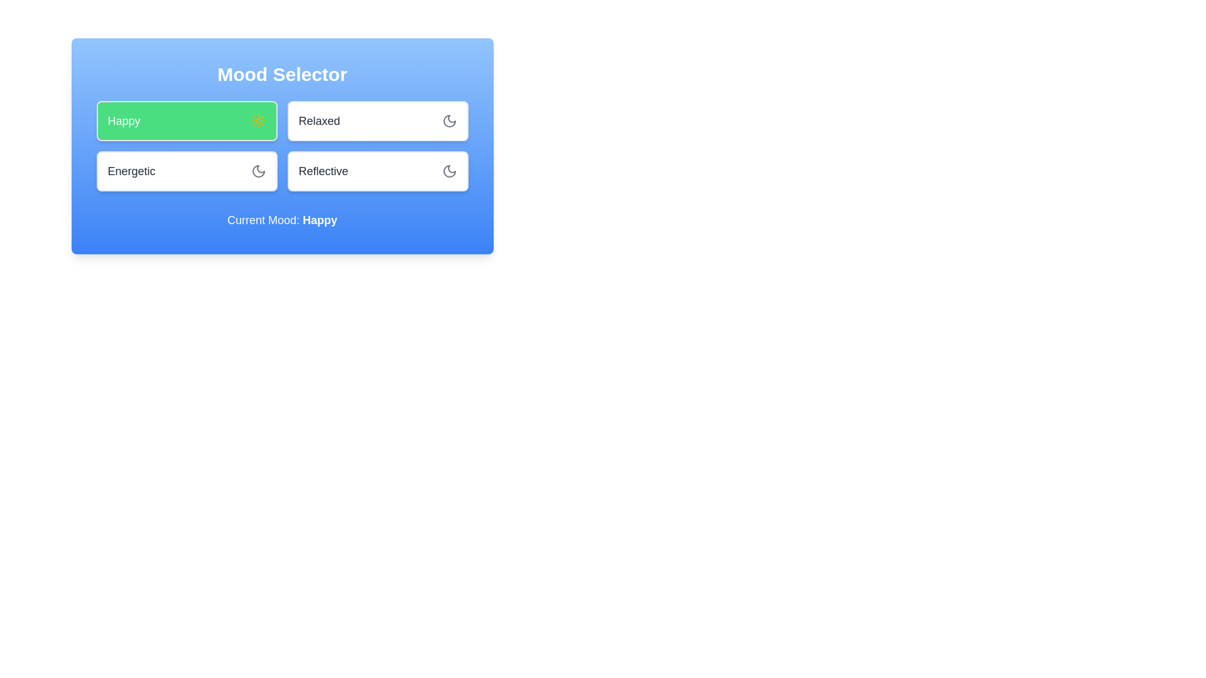 This screenshot has width=1206, height=678. Describe the element at coordinates (449, 171) in the screenshot. I see `the icon representing the mood Reflective` at that location.